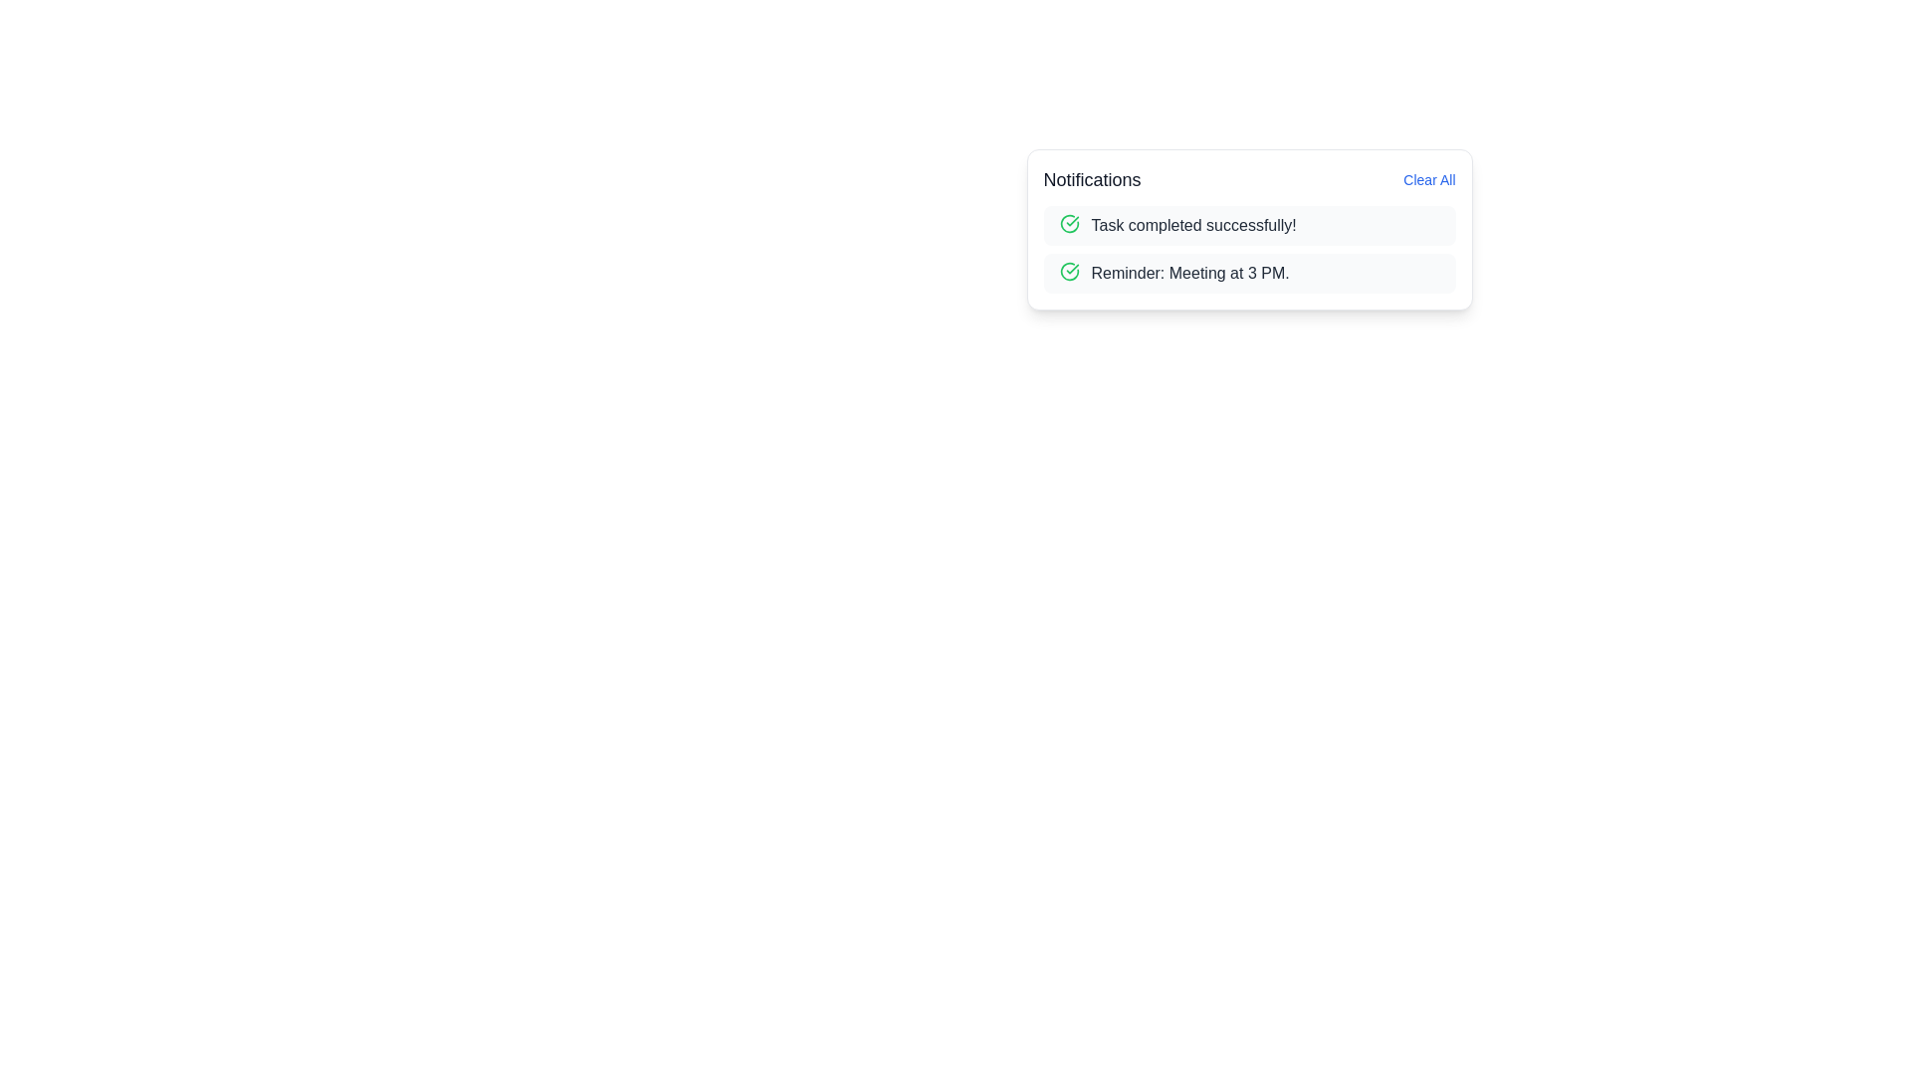  I want to click on the notification item displaying 'Reminder: Meeting at 3 PM.', so click(1248, 273).